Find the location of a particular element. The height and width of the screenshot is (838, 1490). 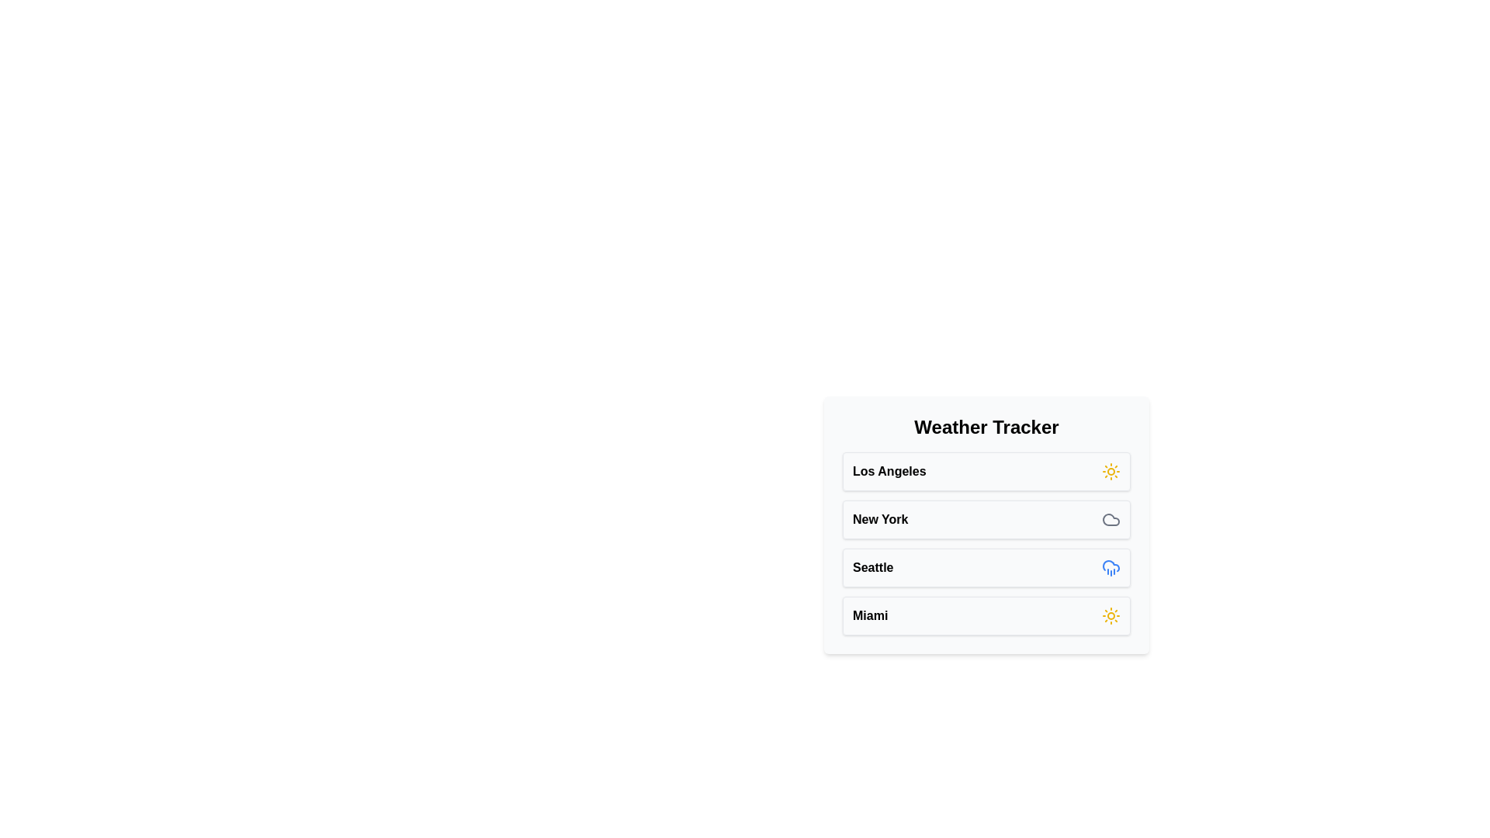

the city row corresponding to Seattle to toggle its weather status is located at coordinates (986, 568).